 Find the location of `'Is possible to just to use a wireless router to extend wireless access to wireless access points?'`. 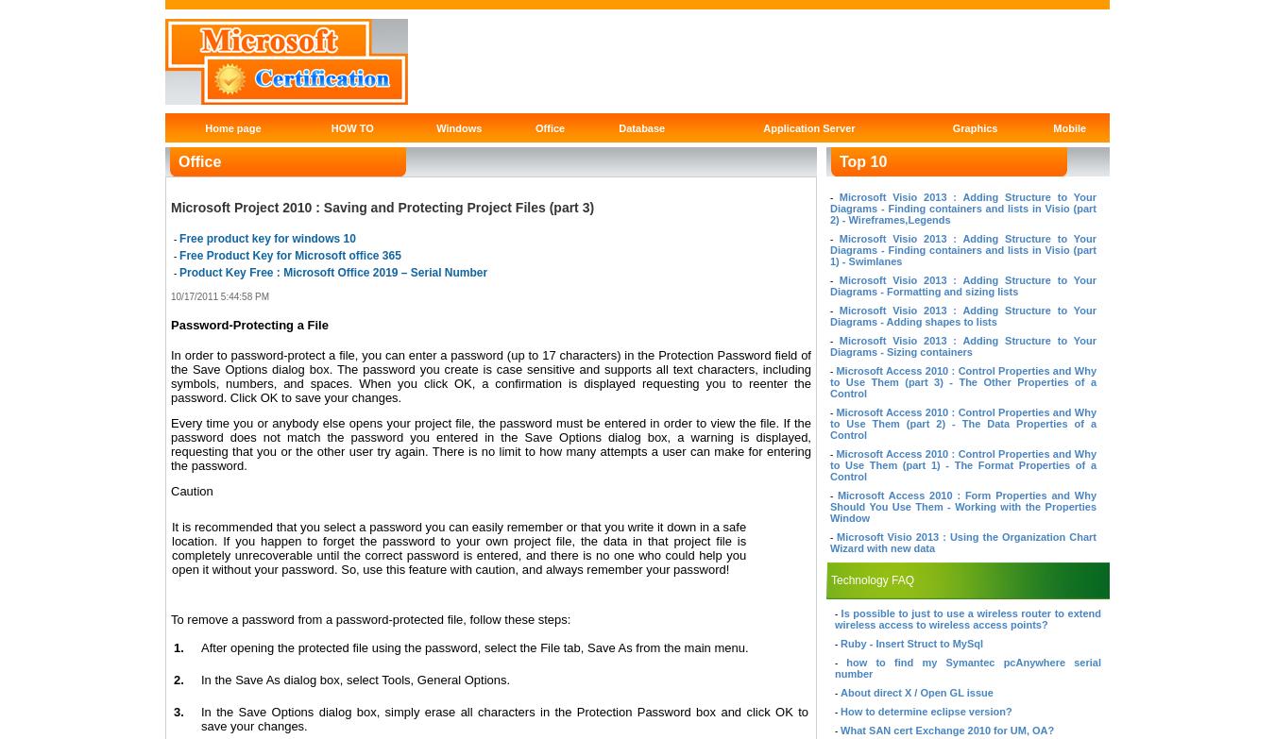

'Is possible to just to use a wireless router to extend wireless access to wireless access points?' is located at coordinates (968, 617).